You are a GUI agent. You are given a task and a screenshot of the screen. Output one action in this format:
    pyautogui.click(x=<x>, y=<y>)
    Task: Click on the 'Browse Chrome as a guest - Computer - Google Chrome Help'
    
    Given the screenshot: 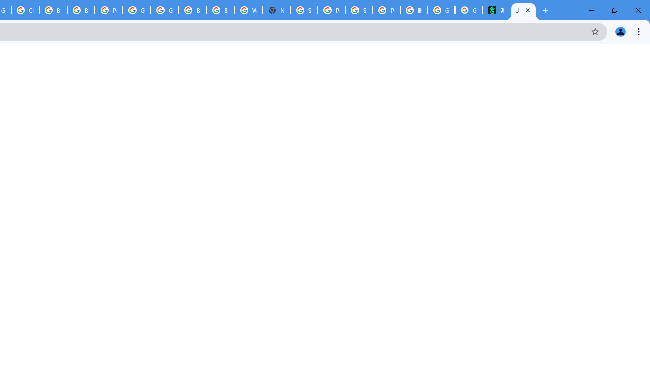 What is the action you would take?
    pyautogui.click(x=192, y=10)
    